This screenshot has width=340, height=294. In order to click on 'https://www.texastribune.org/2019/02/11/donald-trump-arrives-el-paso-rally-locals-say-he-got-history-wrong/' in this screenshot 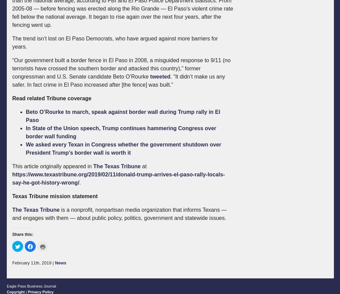, I will do `click(118, 178)`.